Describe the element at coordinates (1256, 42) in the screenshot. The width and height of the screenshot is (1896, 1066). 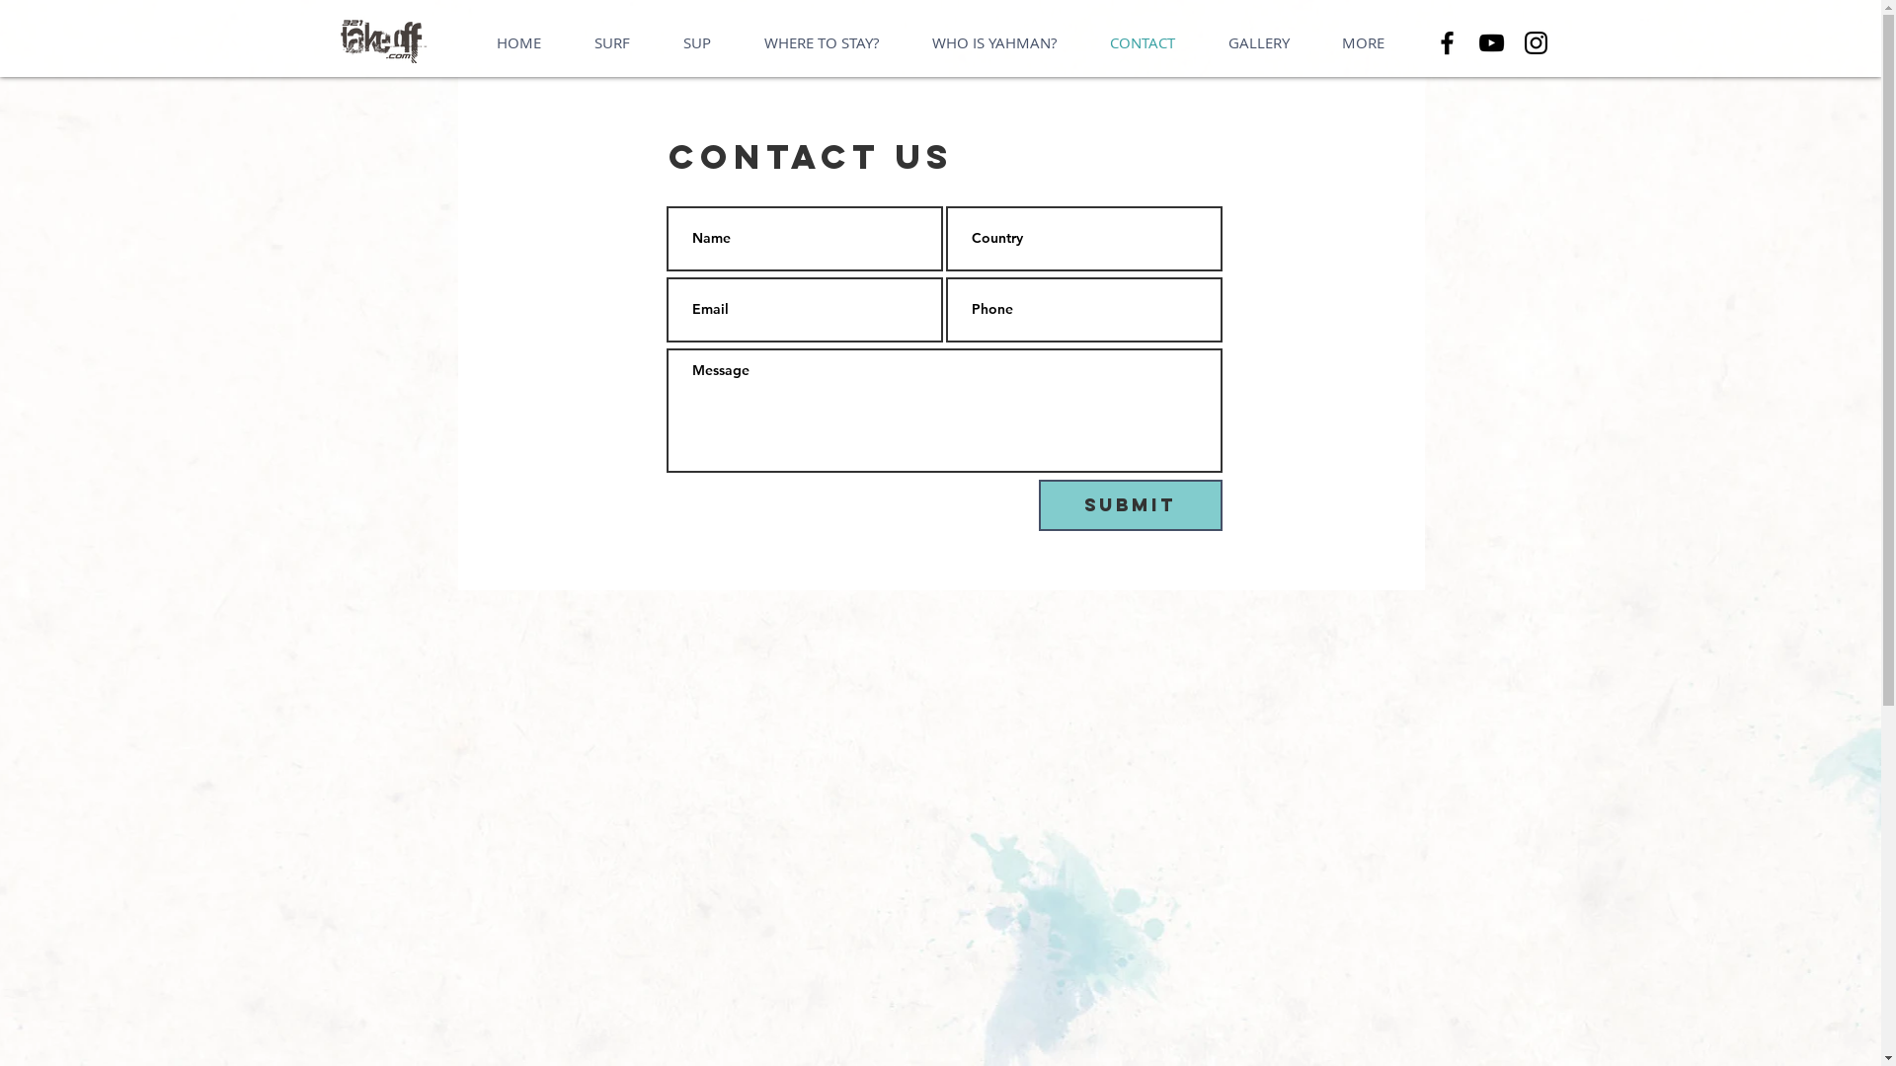
I see `'GALLERY'` at that location.